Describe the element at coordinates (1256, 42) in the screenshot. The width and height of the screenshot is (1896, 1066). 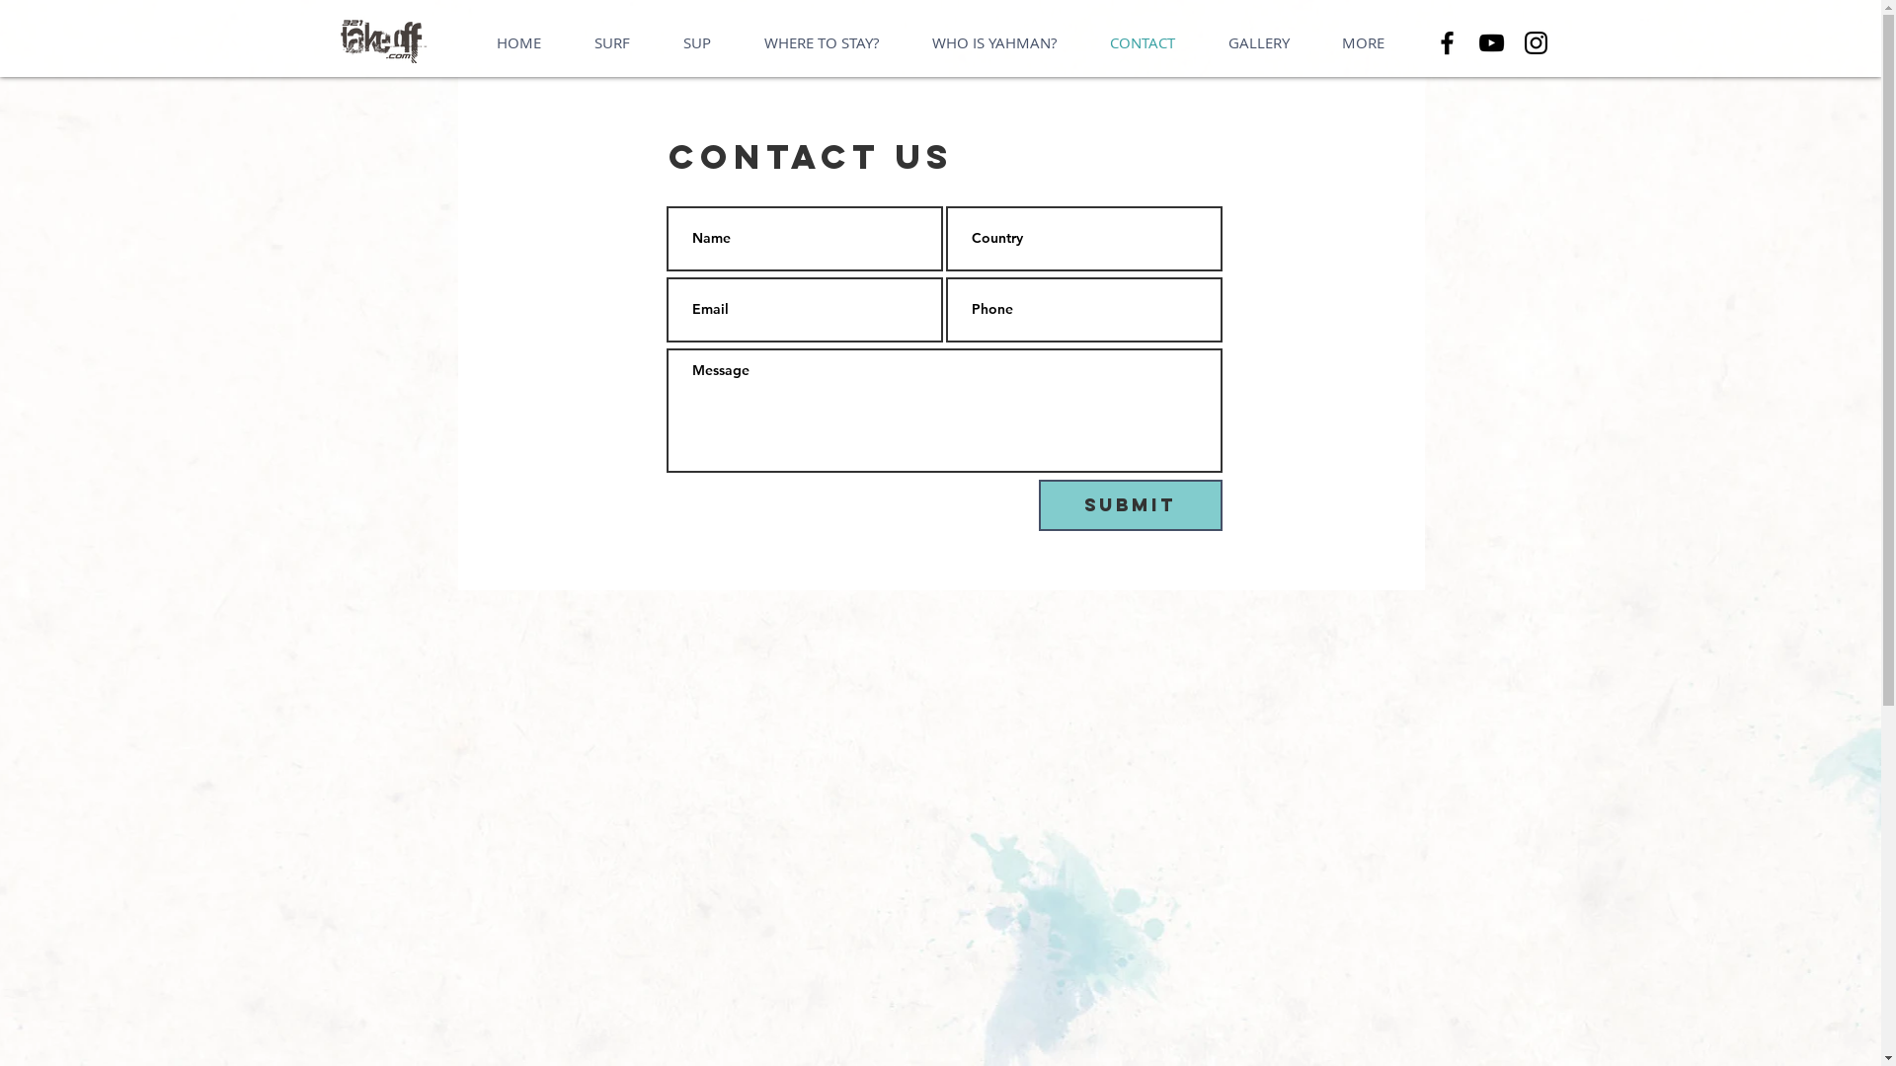
I see `'GALLERY'` at that location.